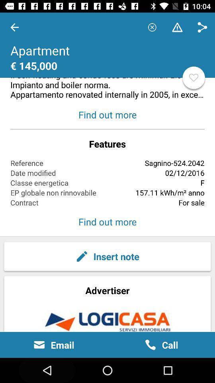 The width and height of the screenshot is (215, 383). What do you see at coordinates (14, 27) in the screenshot?
I see `go back` at bounding box center [14, 27].